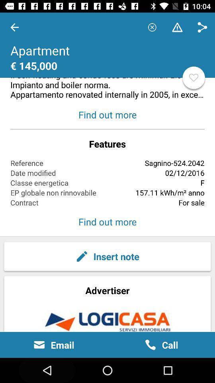 The width and height of the screenshot is (215, 383). What do you see at coordinates (14, 27) in the screenshot?
I see `go back` at bounding box center [14, 27].